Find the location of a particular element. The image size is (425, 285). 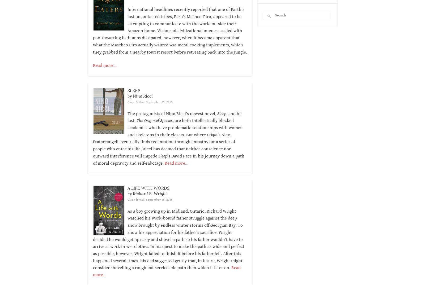

'The protagonists of Nino Ricci’s newest novel,' is located at coordinates (172, 113).